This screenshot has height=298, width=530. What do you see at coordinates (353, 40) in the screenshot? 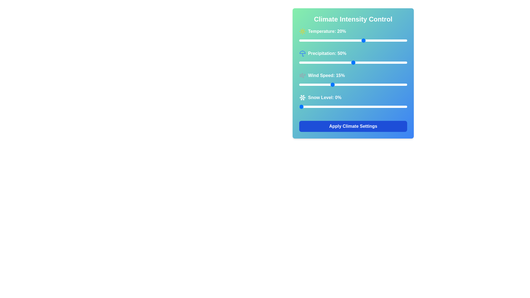
I see `the temperature range slider which allows users to adjust the temperature value, currently set at 20 degrees` at bounding box center [353, 40].